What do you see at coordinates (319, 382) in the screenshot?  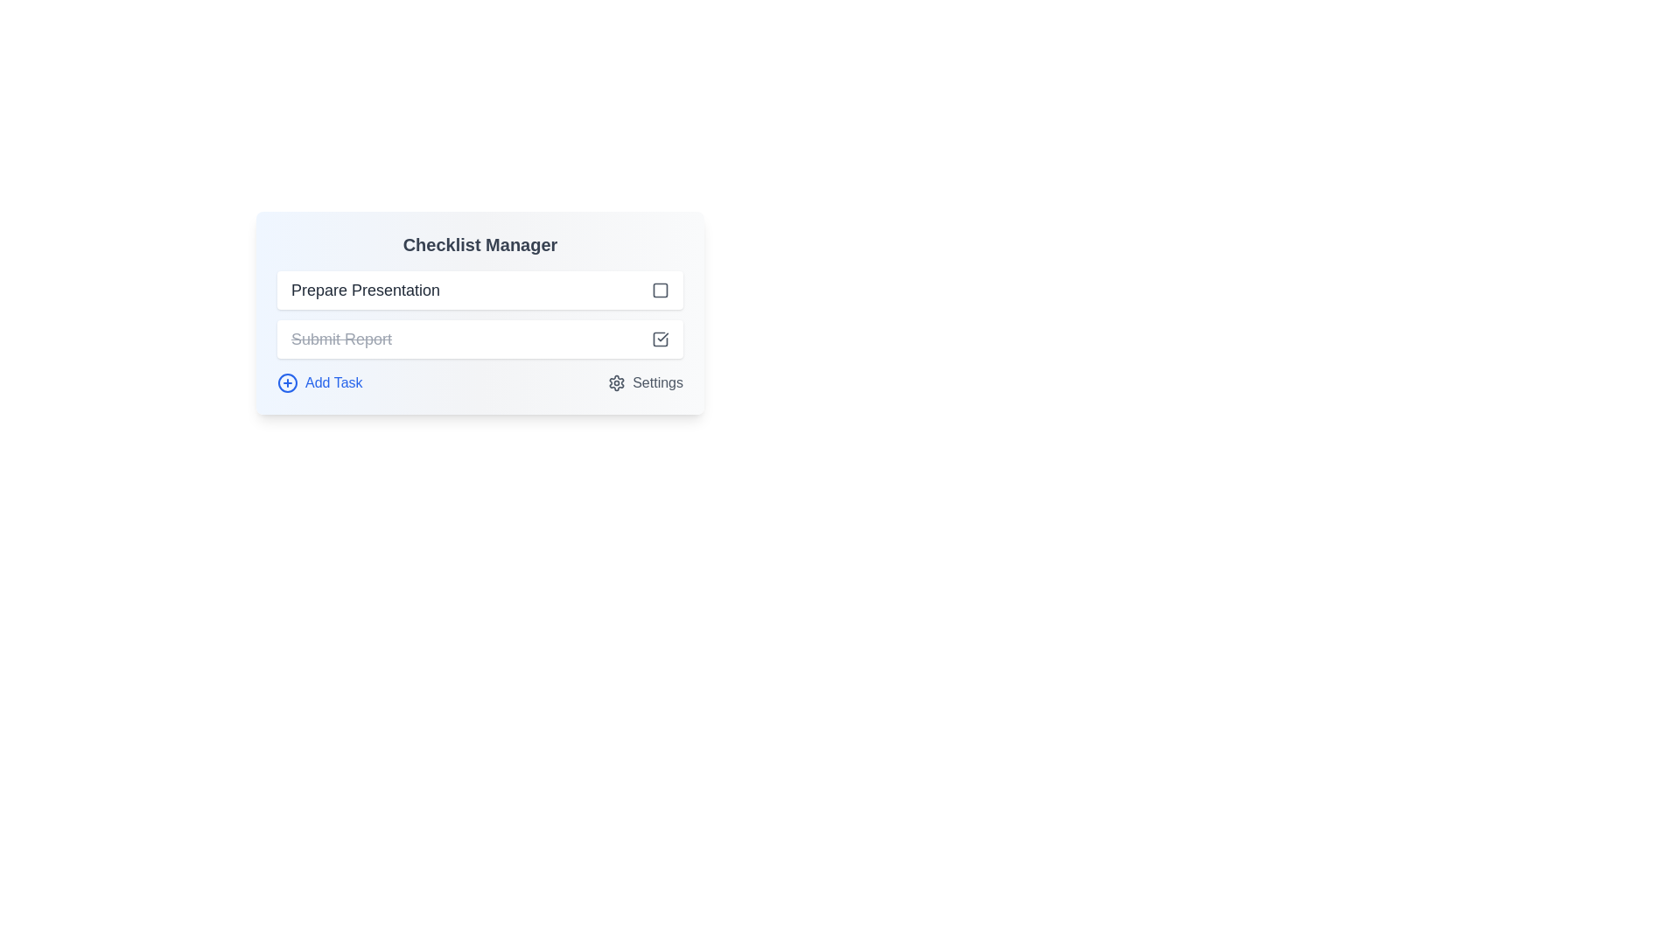 I see `the 'Add Task' button with a blue '+' icon located in the 'Checklist Manager' section` at bounding box center [319, 382].